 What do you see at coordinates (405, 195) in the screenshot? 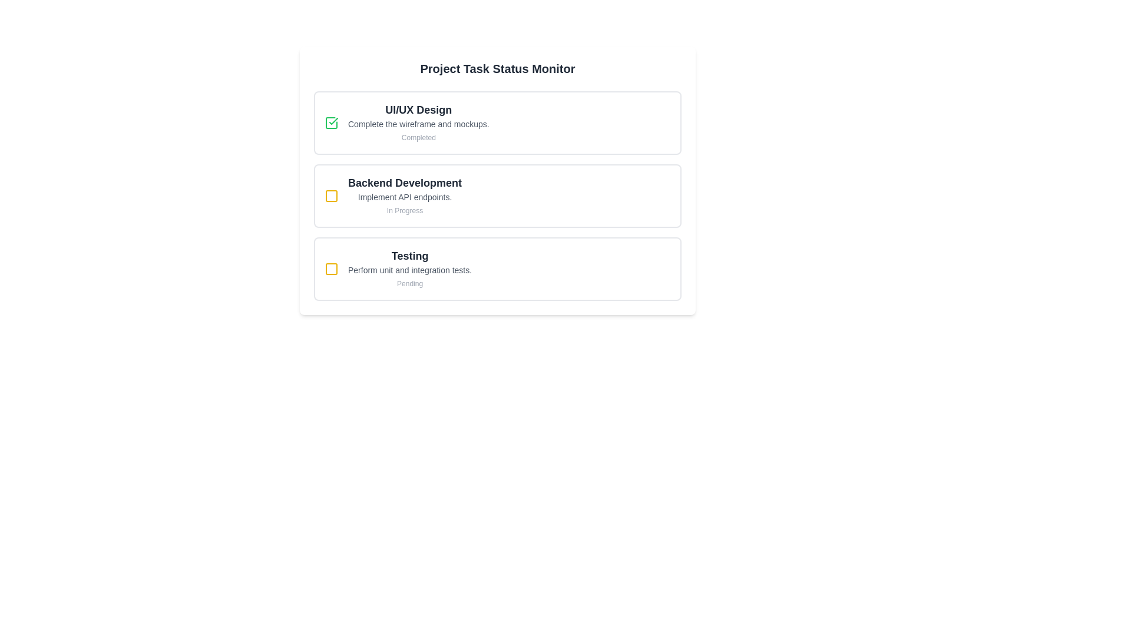
I see `the informational card displaying the title 'Backend Development', which is the second card in a vertical stack of three, located between 'UI/UX Design' and 'Testing'` at bounding box center [405, 195].